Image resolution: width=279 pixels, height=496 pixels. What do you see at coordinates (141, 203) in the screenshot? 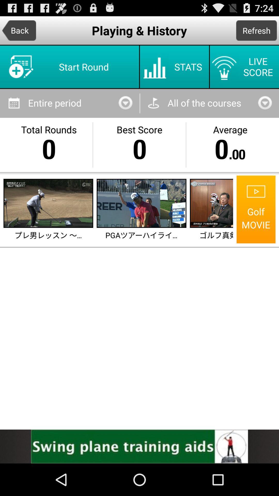
I see `open image` at bounding box center [141, 203].